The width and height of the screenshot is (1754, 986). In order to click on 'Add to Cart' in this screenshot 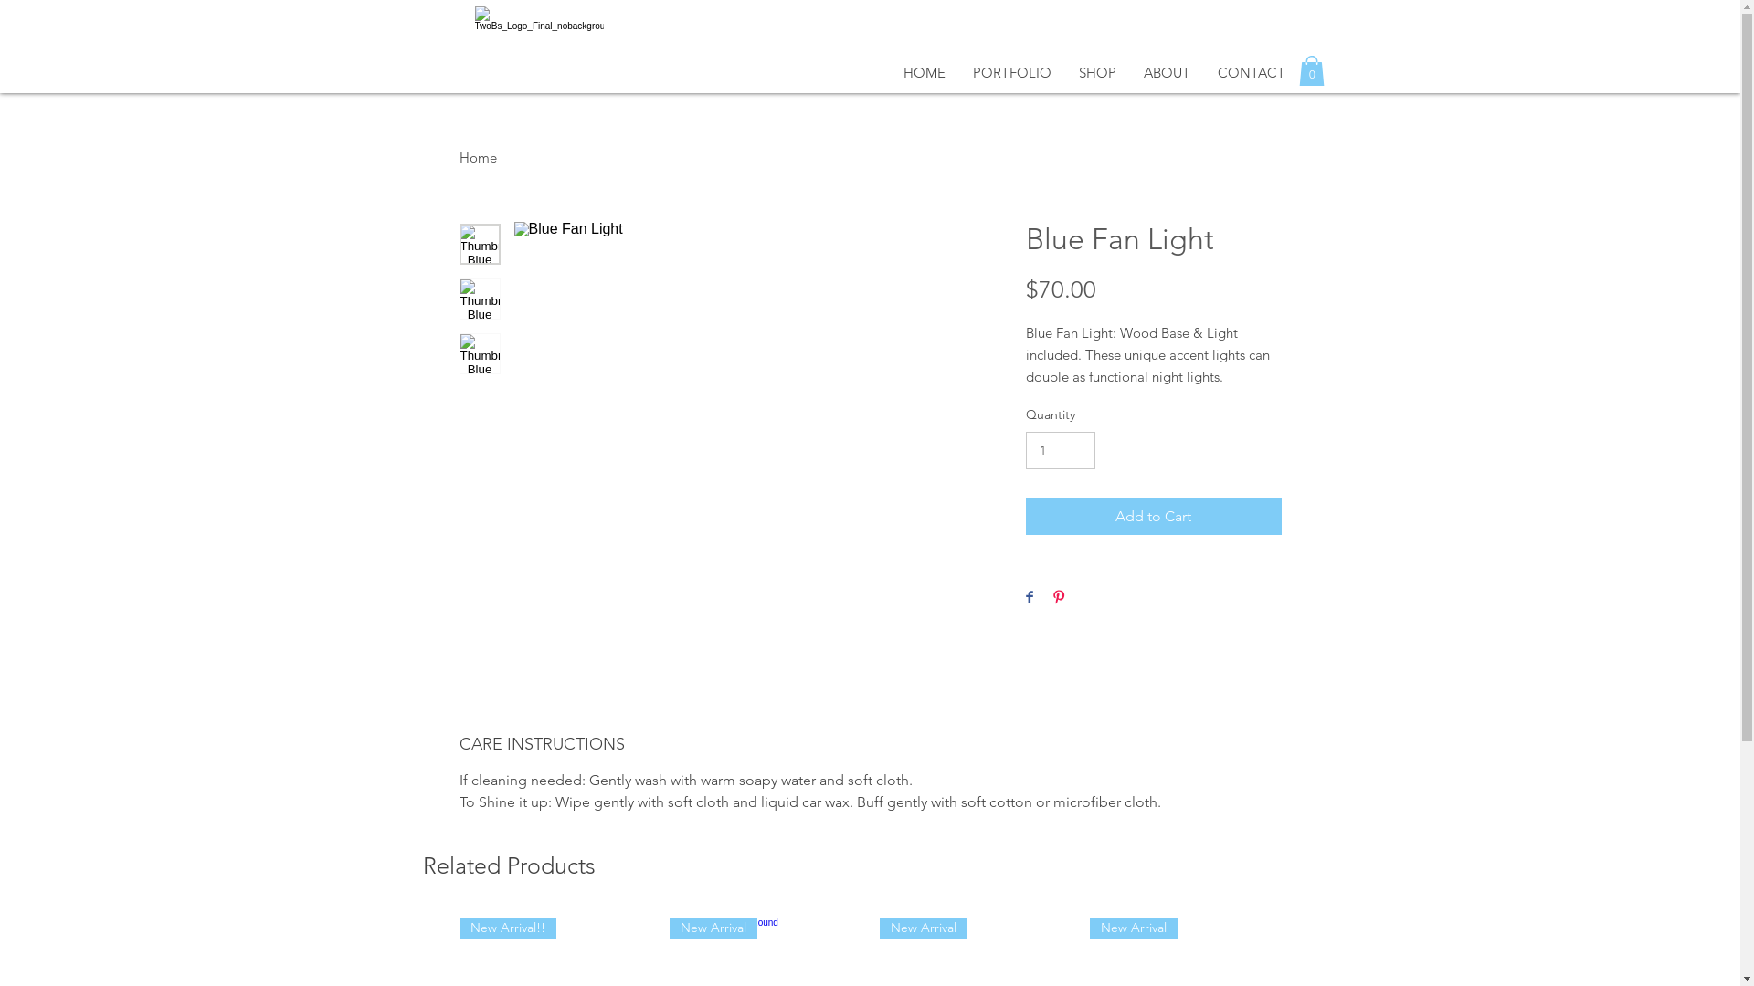, I will do `click(1152, 517)`.